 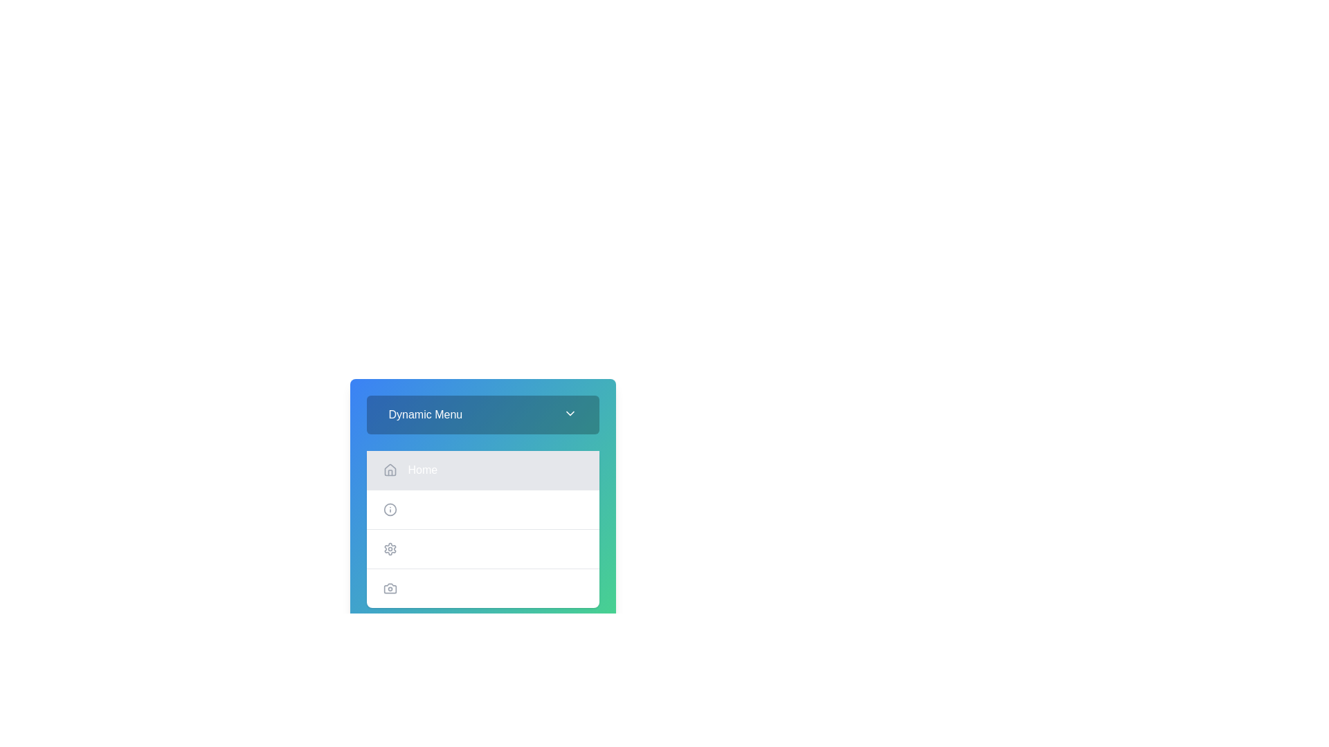 I want to click on the second navigation item in the sidebar menu, which is positioned between the 'Home' button above and the 'Settings' button below, to trigger its hover state, so click(x=482, y=509).